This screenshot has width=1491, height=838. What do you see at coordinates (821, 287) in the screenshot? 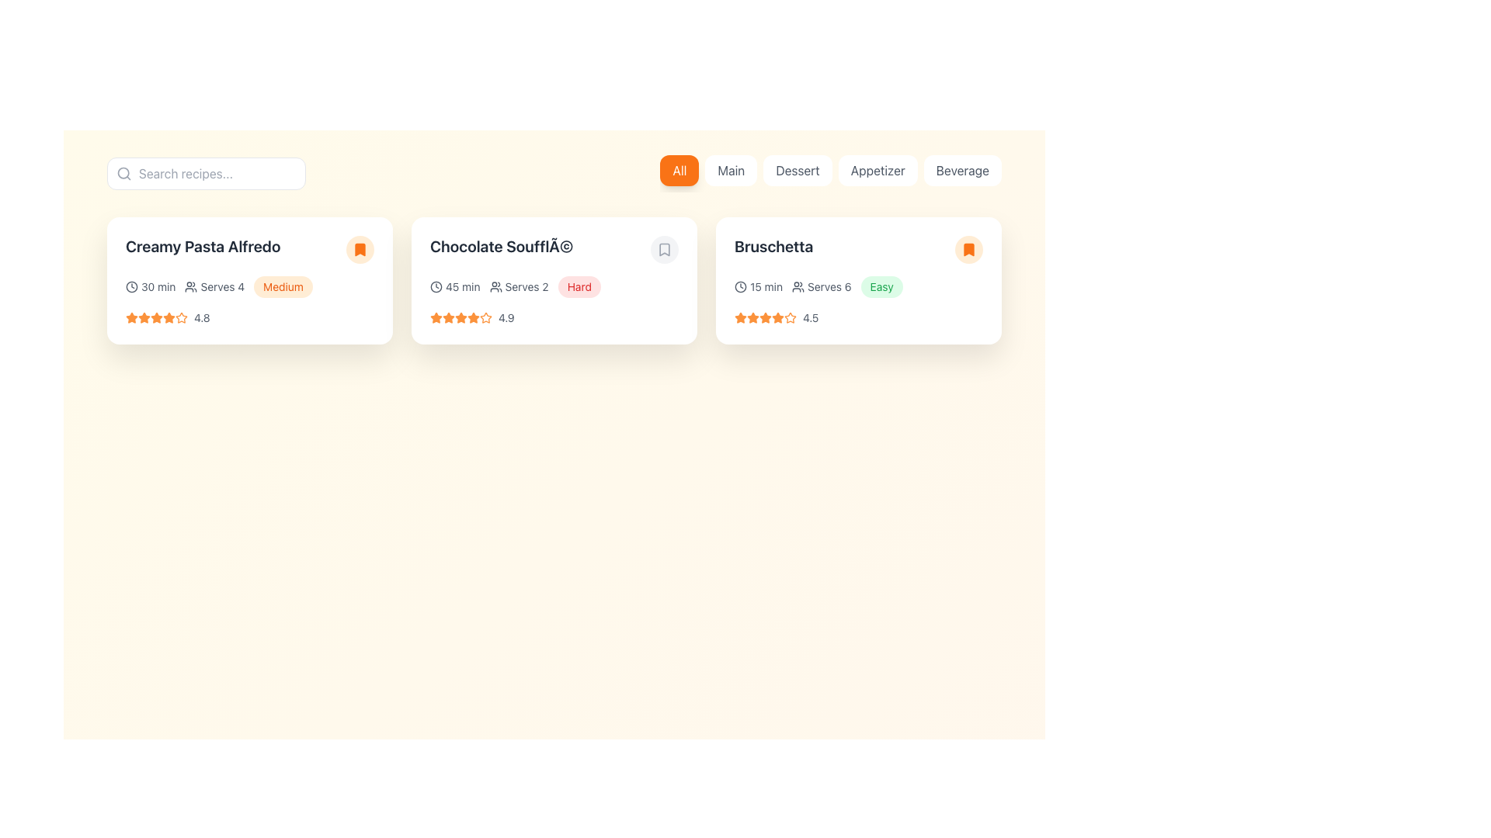
I see `the static text element that indicates the number of servings for the 'Bruschetta' recipe, located in the center-right section of the card` at bounding box center [821, 287].